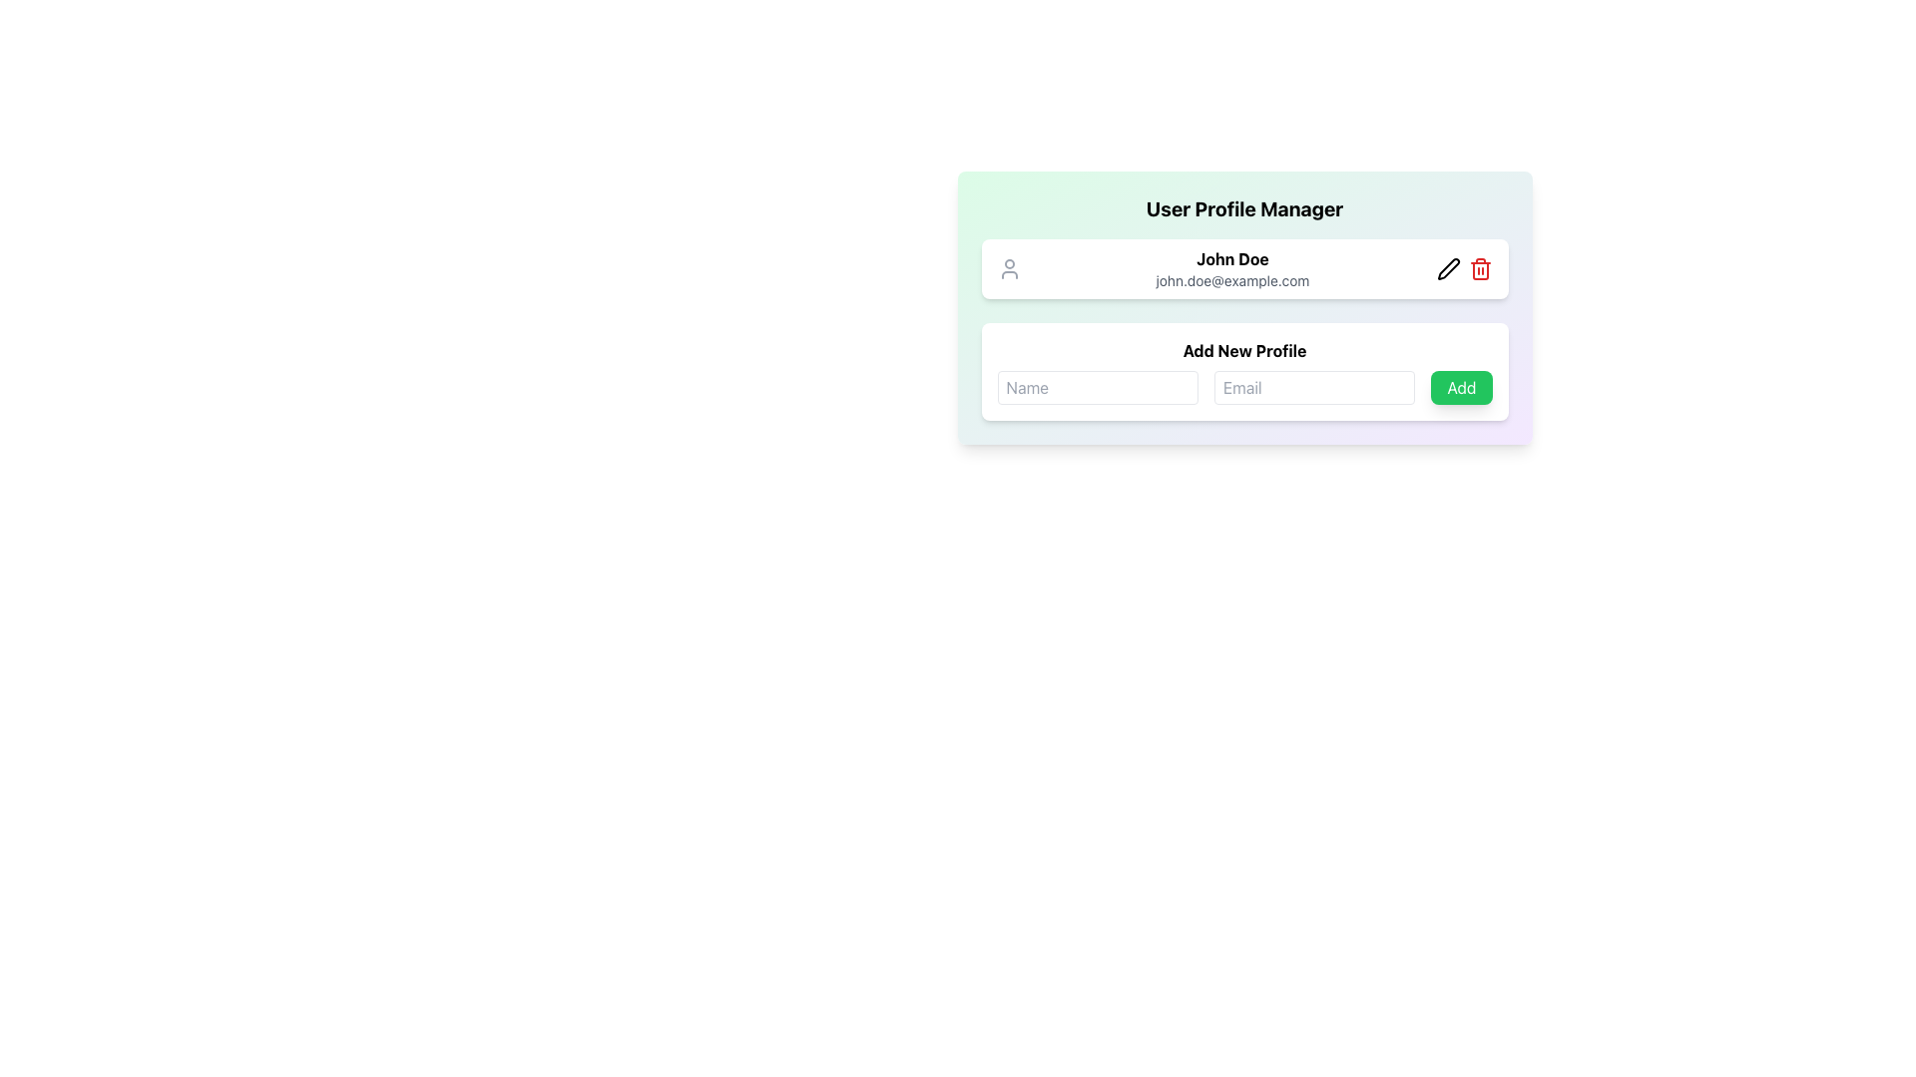 The image size is (1916, 1077). I want to click on the static text label displaying 'John Doe' in bold font, which is positioned prominently at the top of the User Profile Manager card, so click(1231, 257).